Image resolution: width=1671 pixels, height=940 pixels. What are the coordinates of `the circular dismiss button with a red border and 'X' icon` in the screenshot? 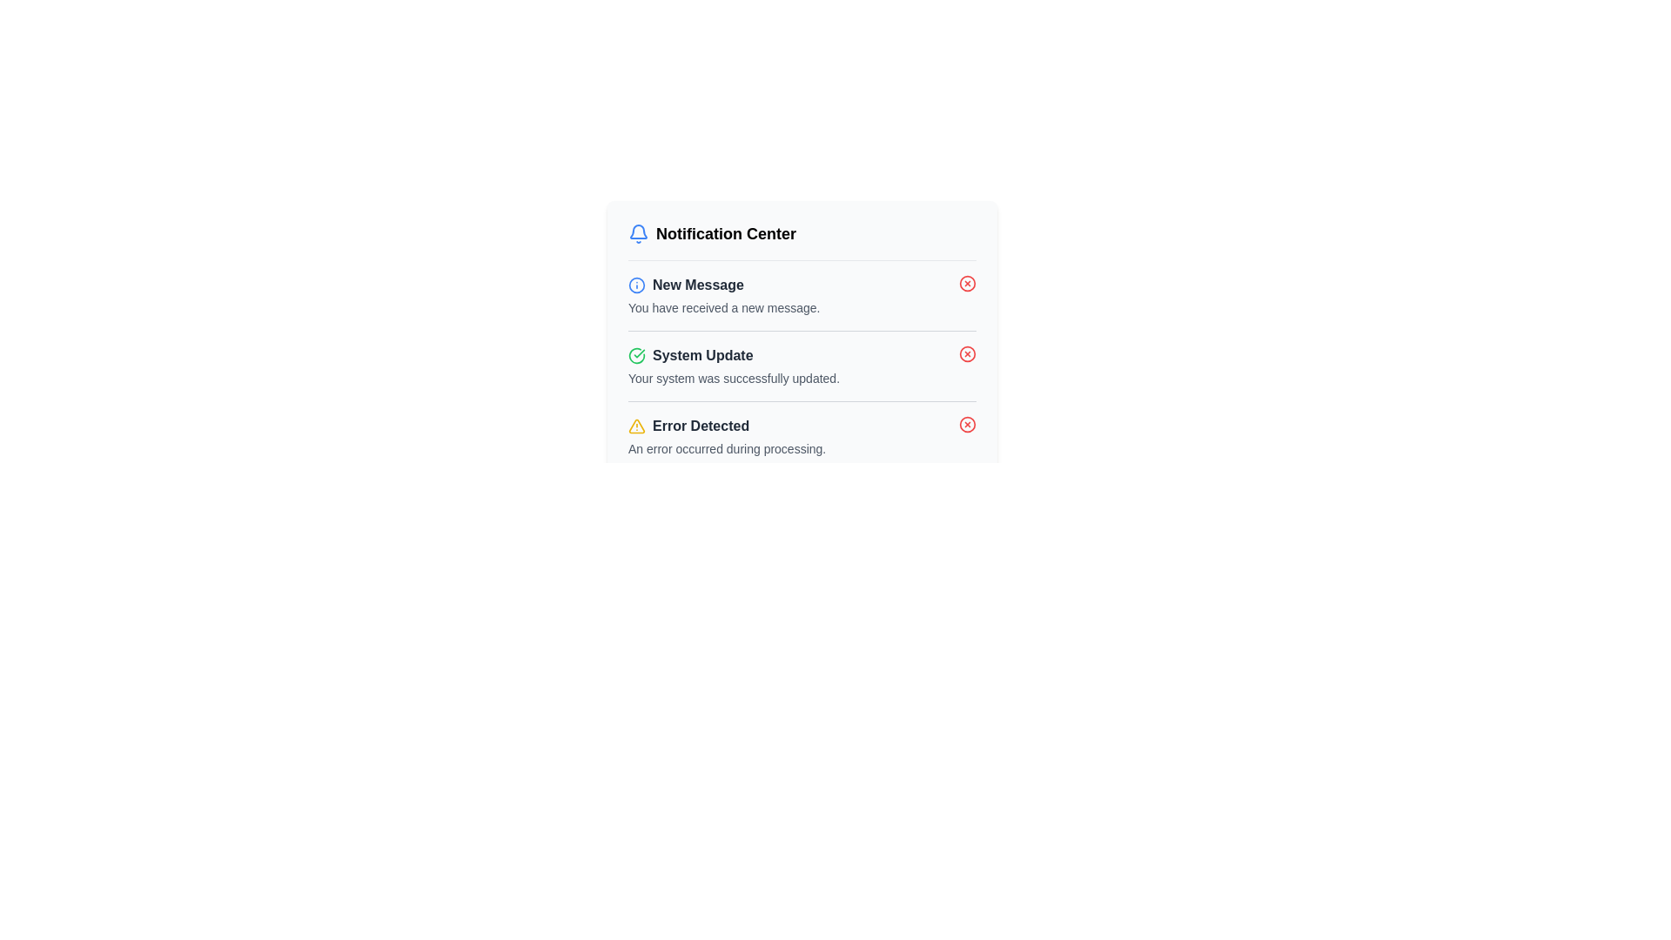 It's located at (967, 283).